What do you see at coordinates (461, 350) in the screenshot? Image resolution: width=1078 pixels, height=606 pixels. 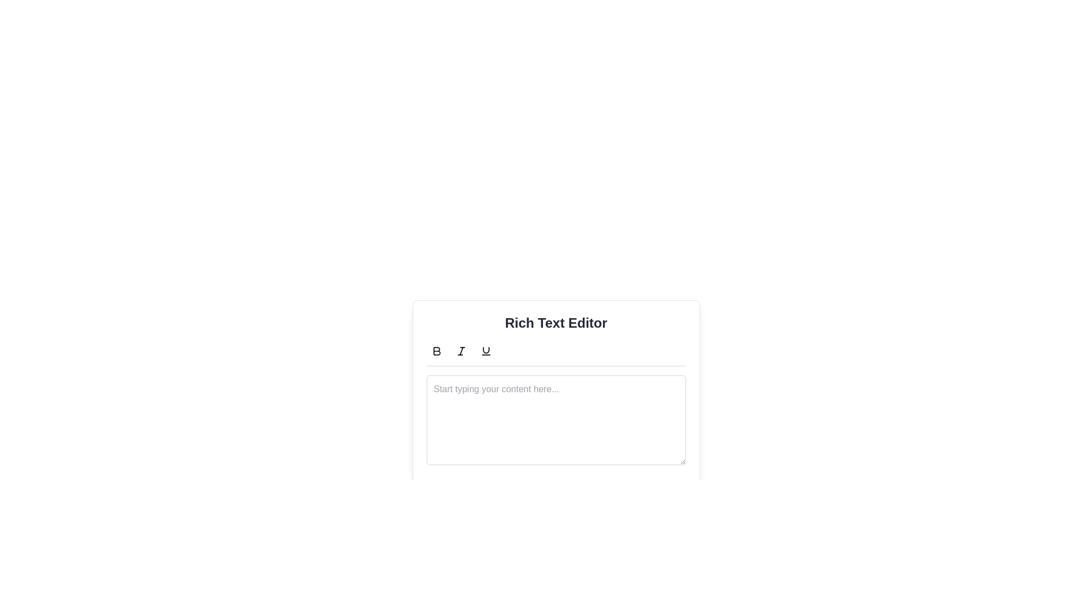 I see `the 'Italic' formatting icon located at the center between the lines forming the italic symbol` at bounding box center [461, 350].